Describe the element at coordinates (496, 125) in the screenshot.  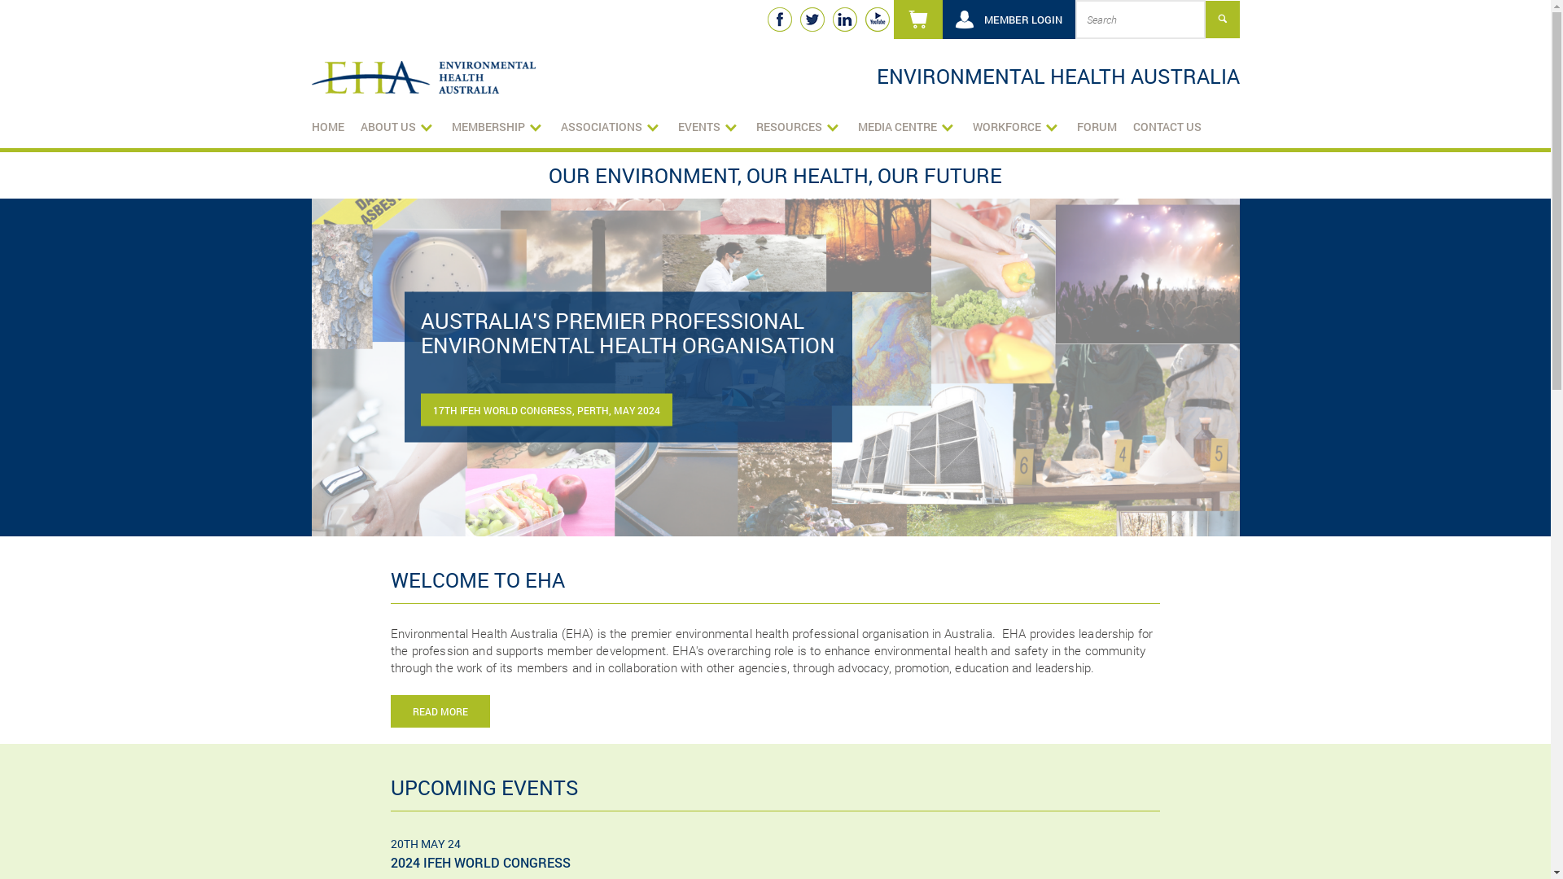
I see `'MEMBERSHIP'` at that location.